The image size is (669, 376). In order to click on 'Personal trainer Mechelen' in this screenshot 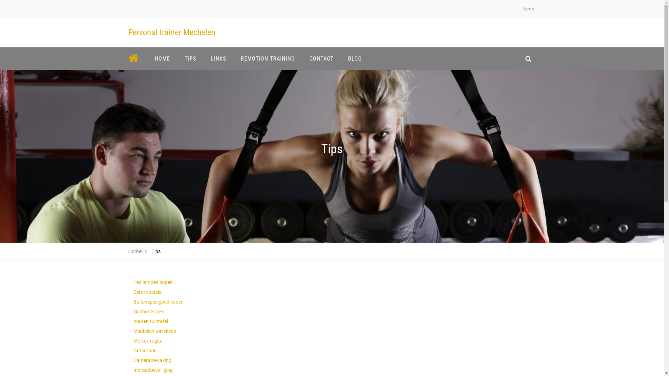, I will do `click(128, 32)`.